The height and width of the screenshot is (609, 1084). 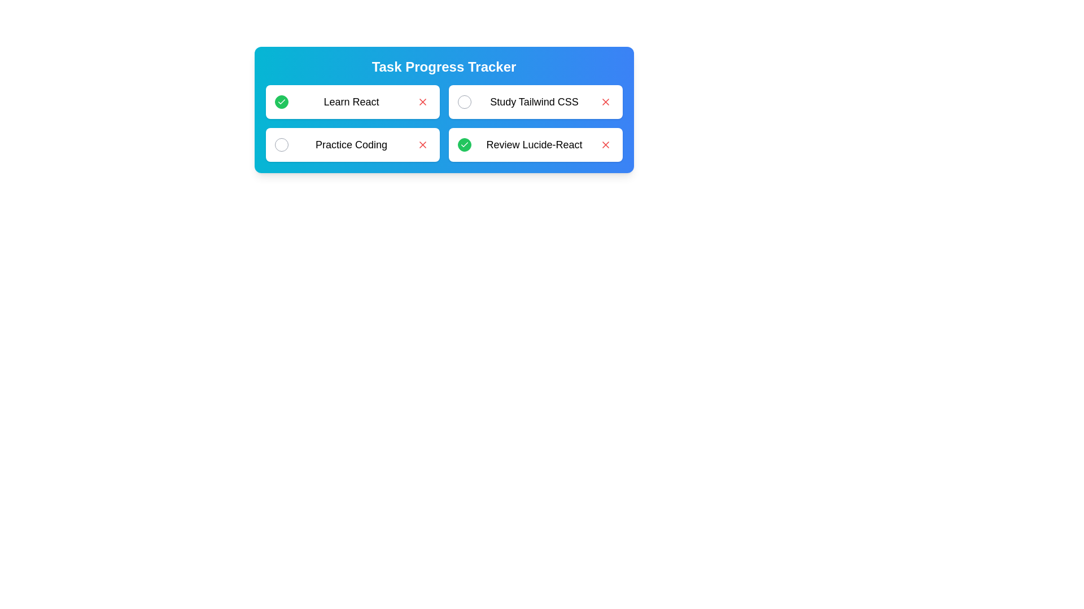 What do you see at coordinates (605, 144) in the screenshot?
I see `'Remove' button for the task labeled Review Lucide-React` at bounding box center [605, 144].